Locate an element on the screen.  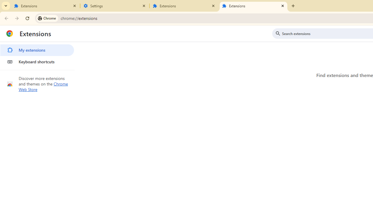
'Settings' is located at coordinates (115, 6).